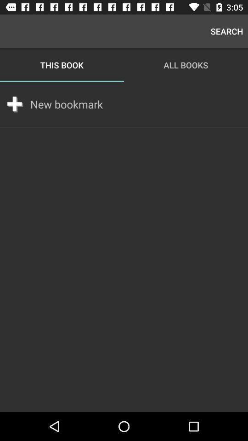  What do you see at coordinates (226, 31) in the screenshot?
I see `the item above all books item` at bounding box center [226, 31].